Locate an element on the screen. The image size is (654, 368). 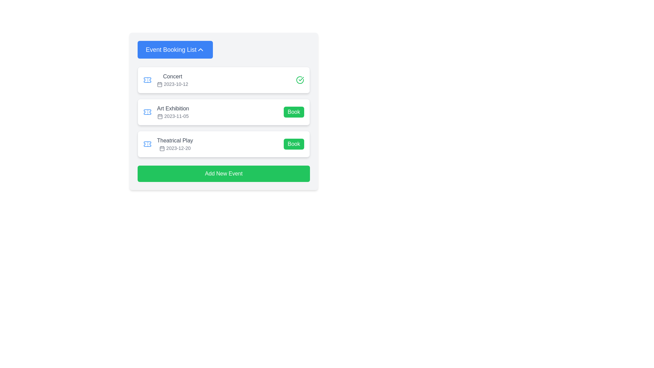
the light blue ticket-shaped SVG icon next to the text 'Art Exhibition' in the second event item of the list is located at coordinates (147, 111).